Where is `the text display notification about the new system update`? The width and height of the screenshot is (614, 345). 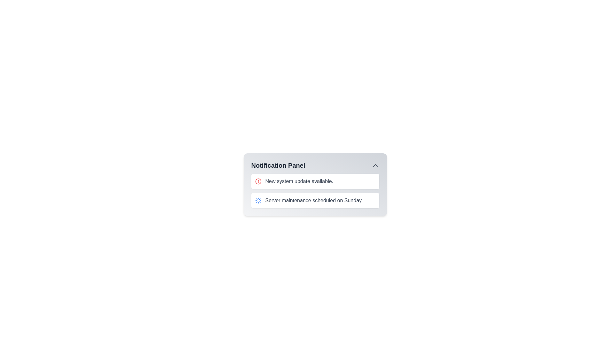 the text display notification about the new system update is located at coordinates (299, 181).